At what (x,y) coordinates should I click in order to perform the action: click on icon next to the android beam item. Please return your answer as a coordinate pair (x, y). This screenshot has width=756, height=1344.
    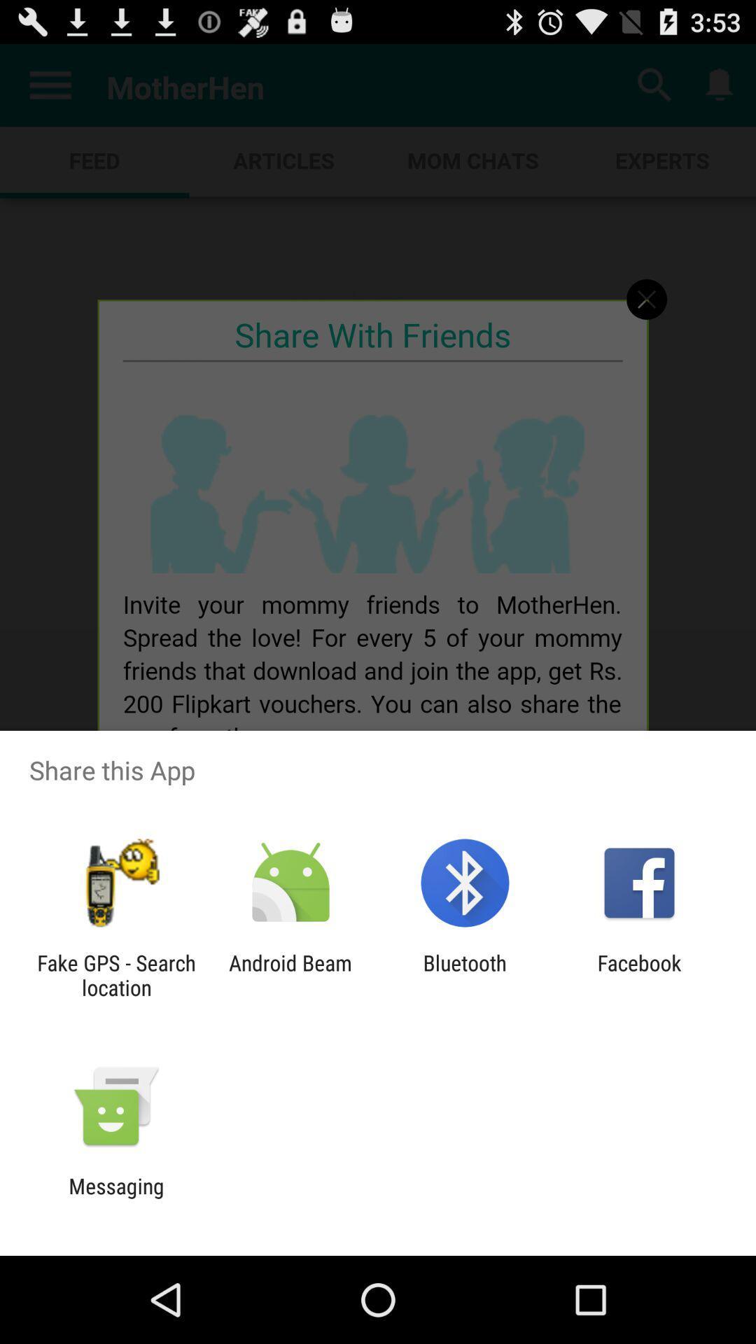
    Looking at the image, I should click on (465, 974).